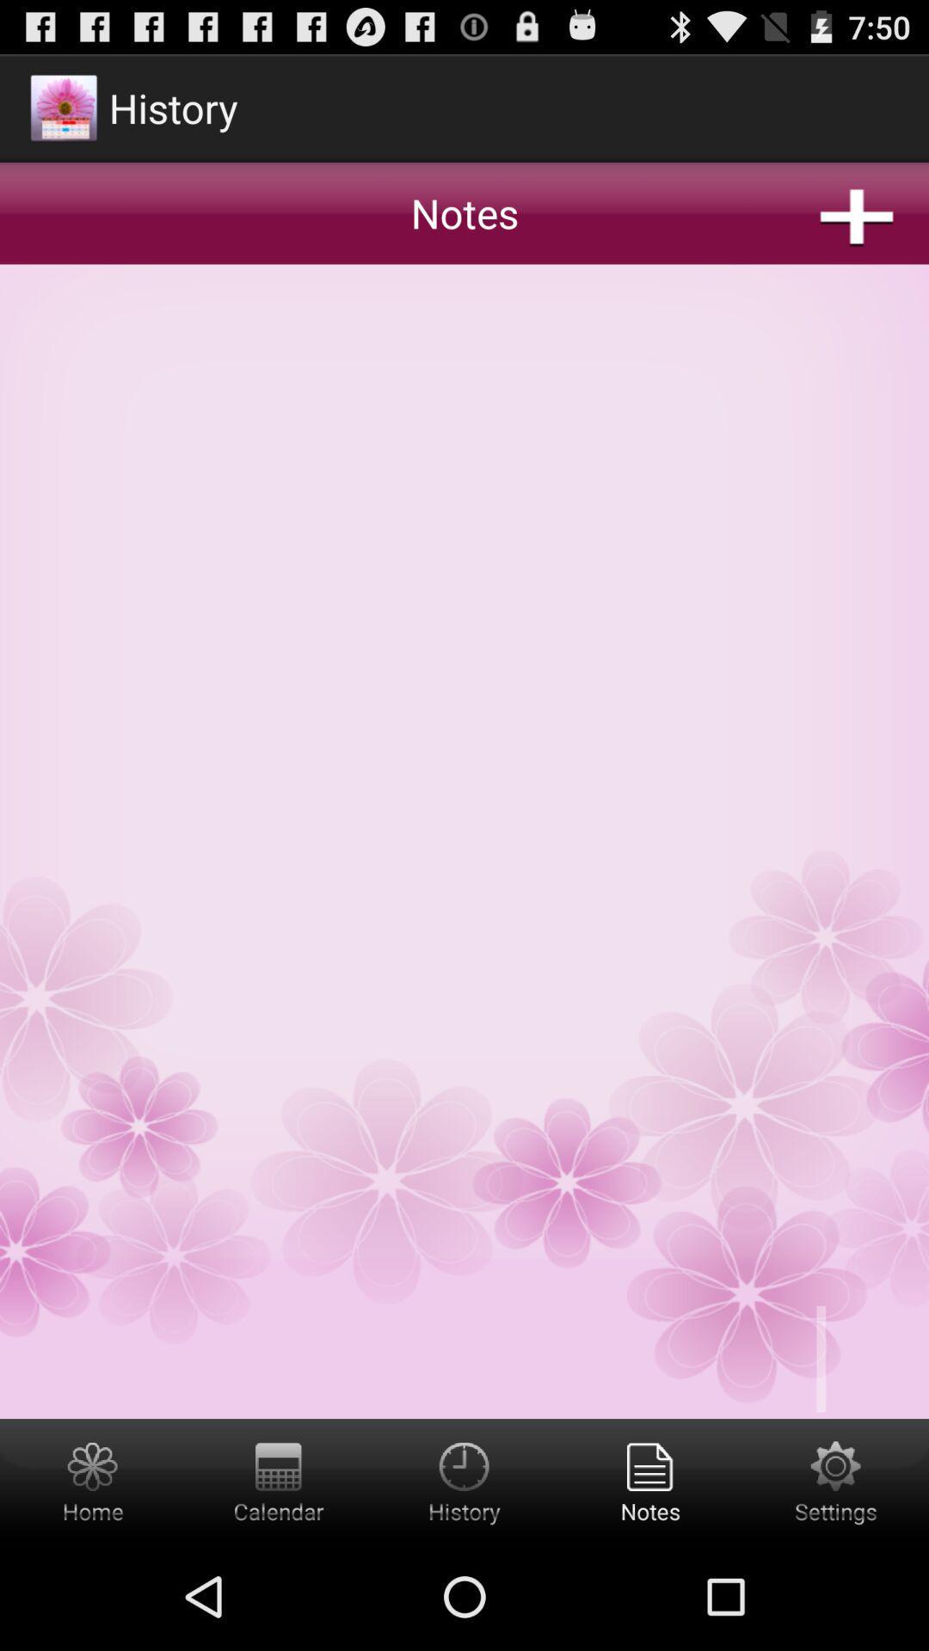 Image resolution: width=929 pixels, height=1651 pixels. Describe the element at coordinates (464, 1480) in the screenshot. I see `history` at that location.